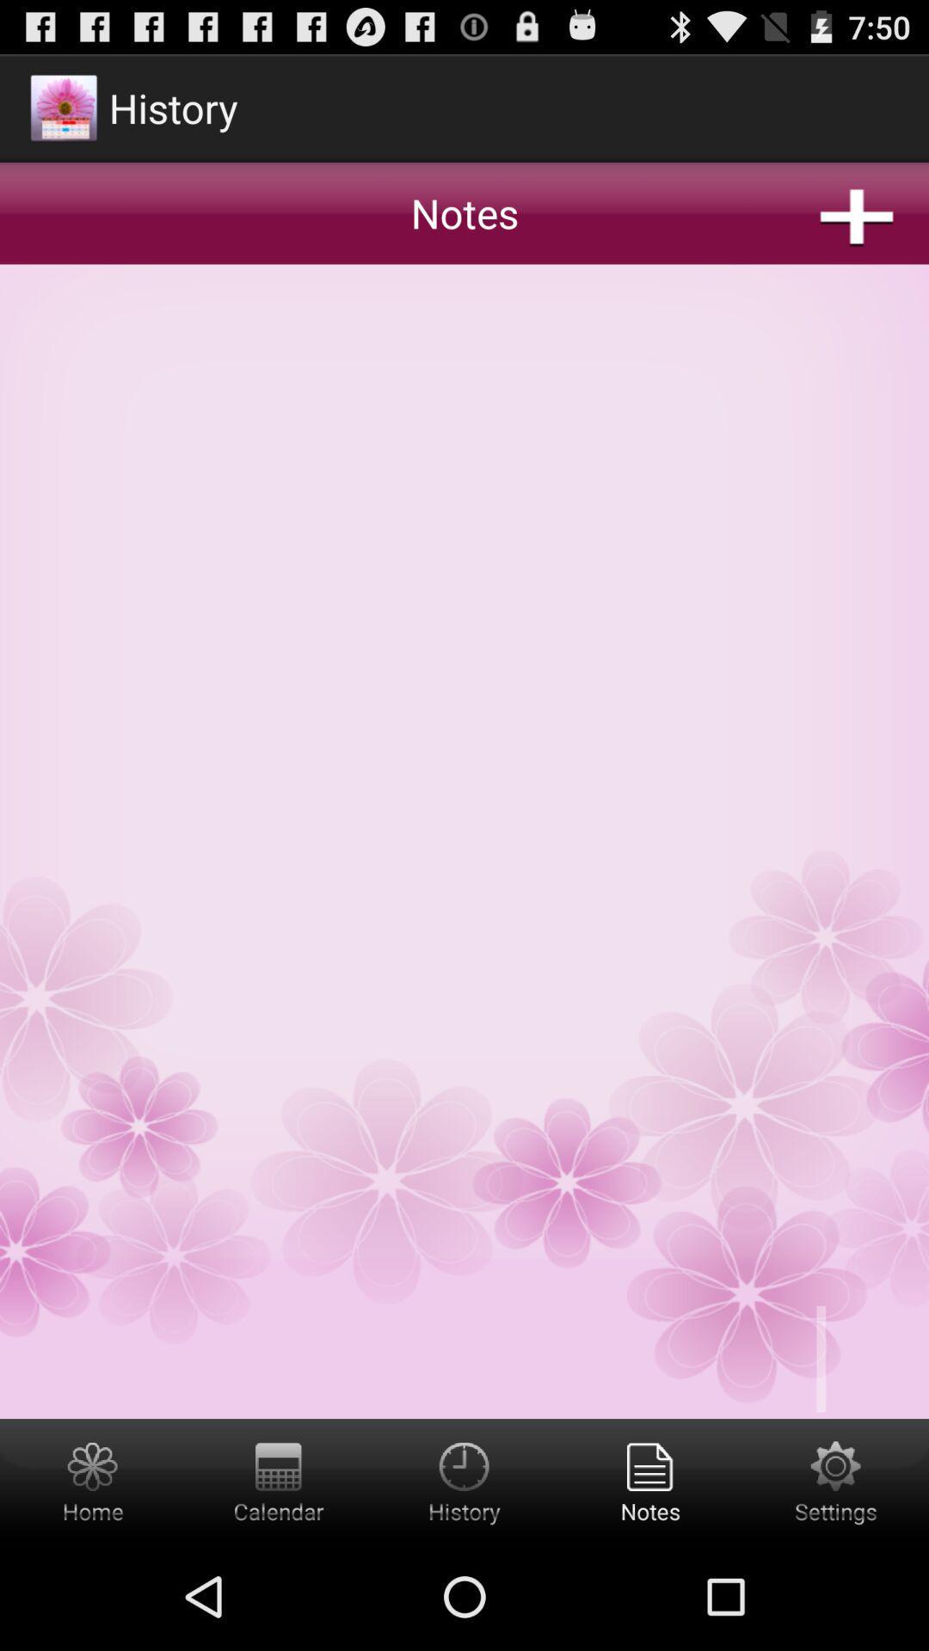 Image resolution: width=929 pixels, height=1651 pixels. Describe the element at coordinates (464, 1480) in the screenshot. I see `history` at that location.